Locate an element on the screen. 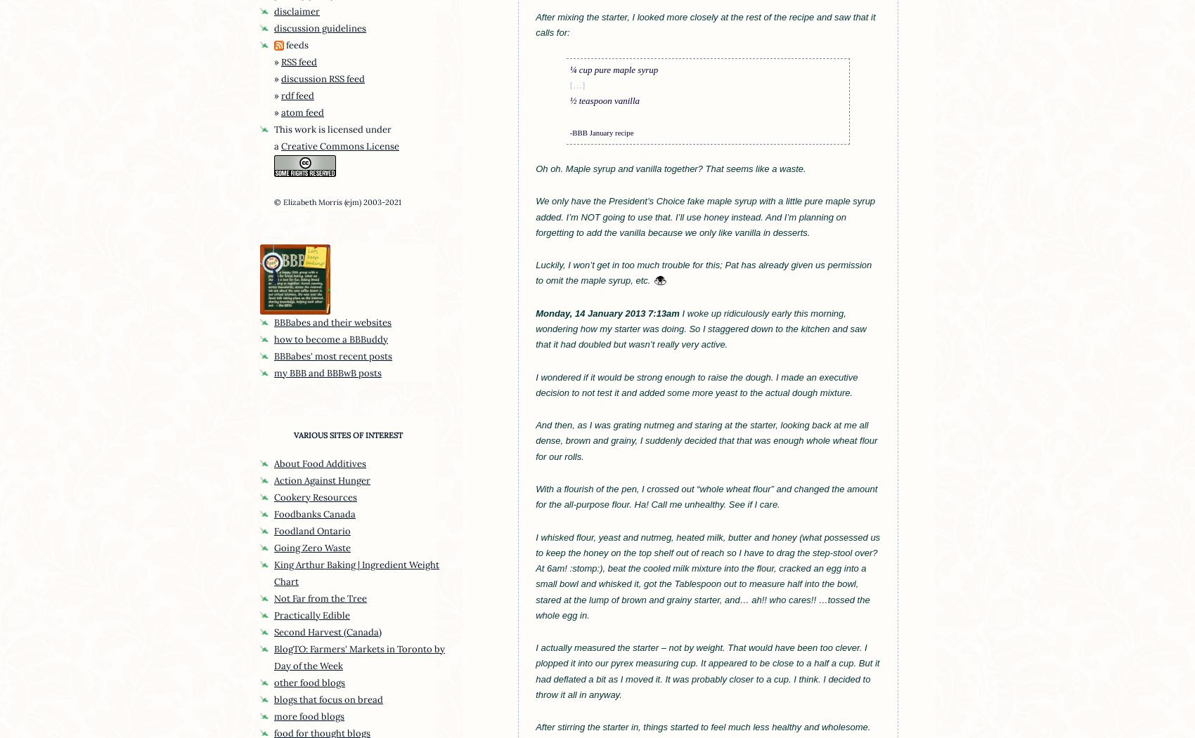 The width and height of the screenshot is (1195, 738). 'Practically Edible' is located at coordinates (312, 614).